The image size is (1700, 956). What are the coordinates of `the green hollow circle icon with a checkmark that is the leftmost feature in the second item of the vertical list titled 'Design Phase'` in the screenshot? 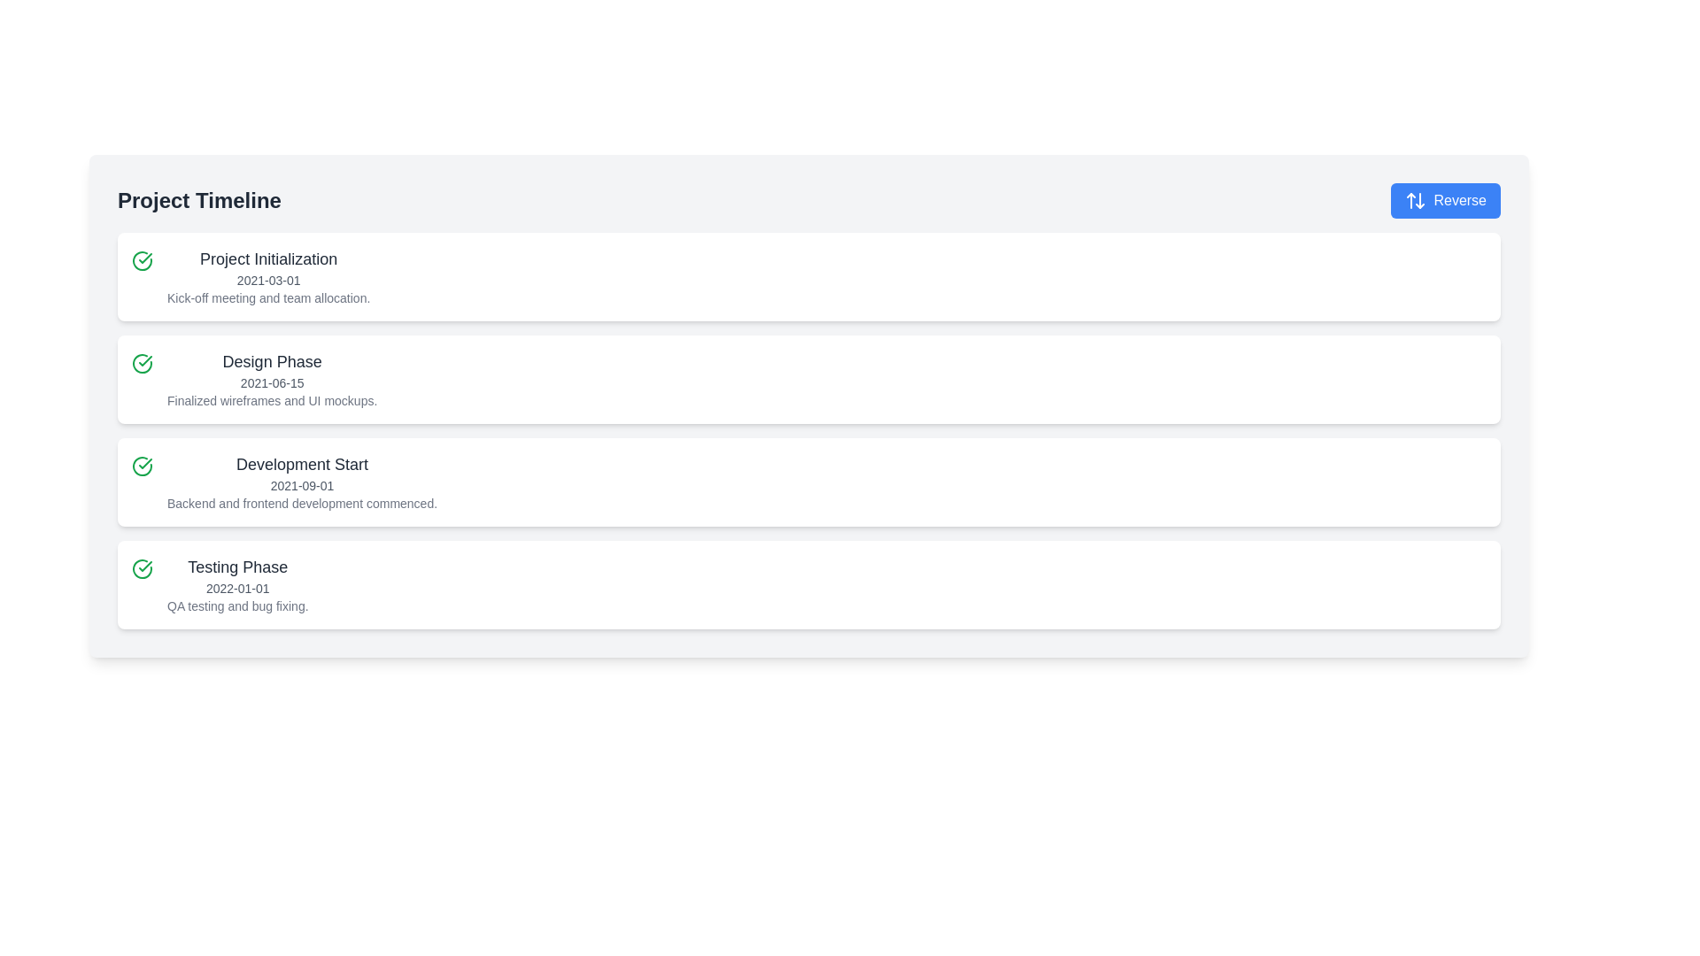 It's located at (143, 363).